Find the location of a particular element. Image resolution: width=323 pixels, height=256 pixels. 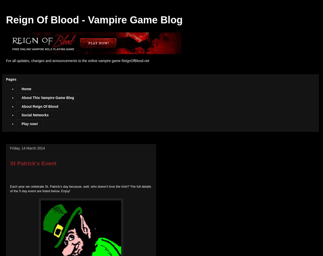

'For all updates, changes and announcements to the online vampire game ReignOfBlood.net' is located at coordinates (77, 61).